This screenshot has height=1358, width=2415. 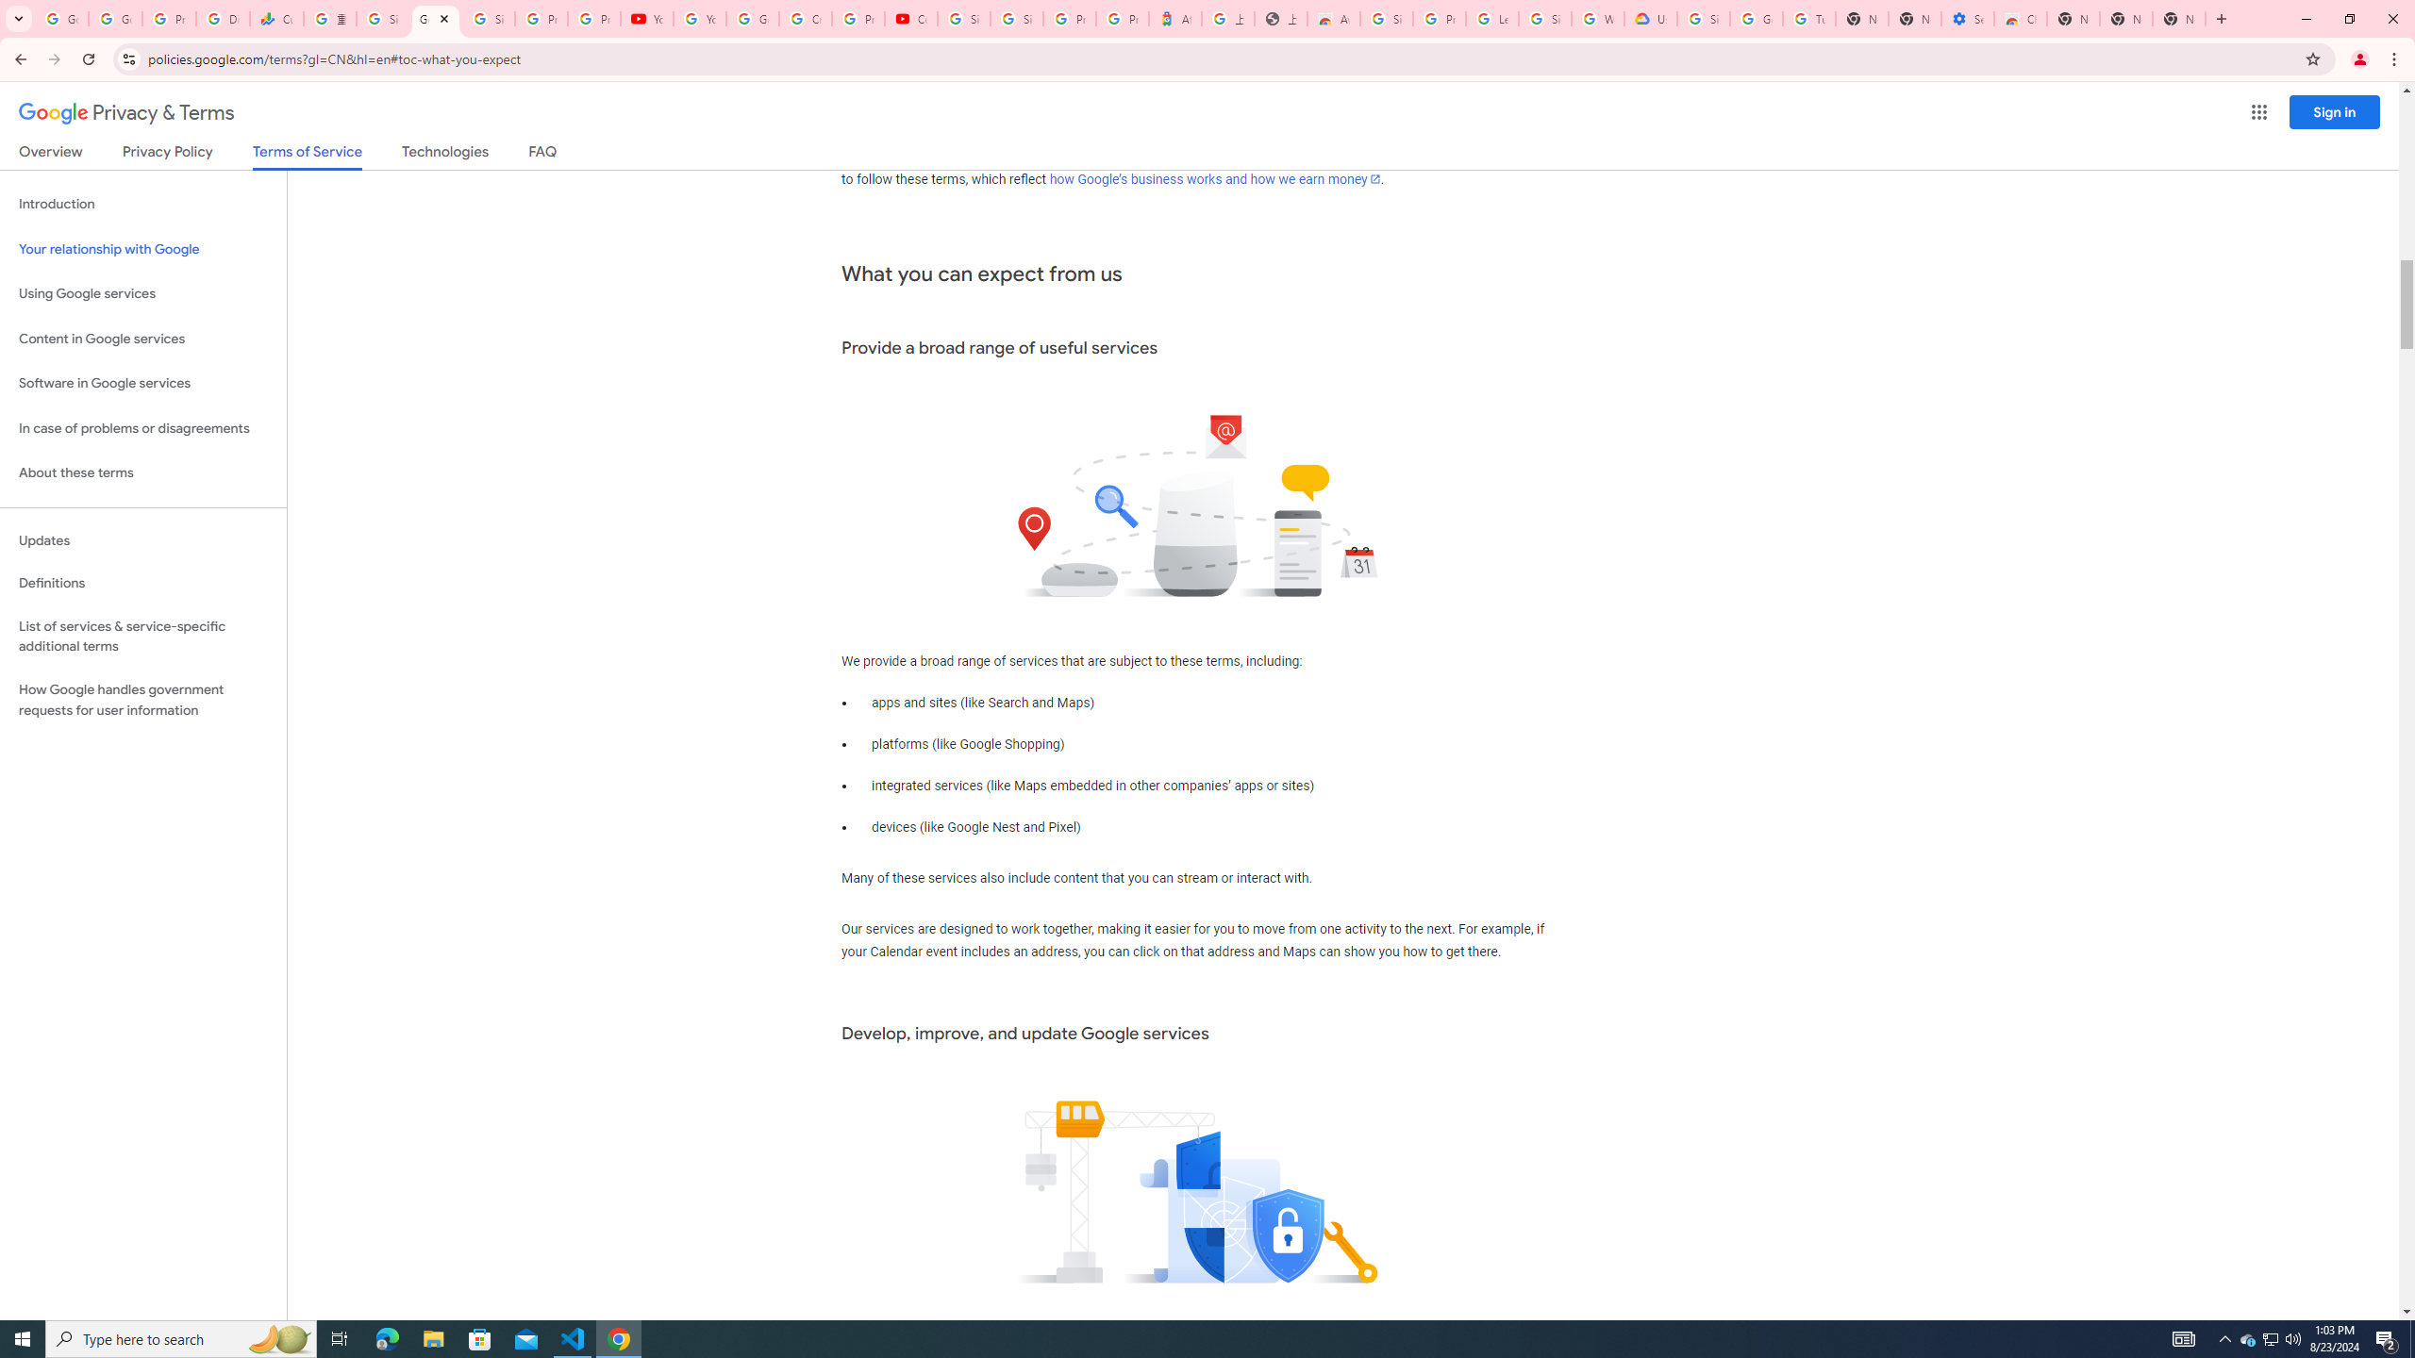 I want to click on 'Your relationship with Google', so click(x=142, y=249).